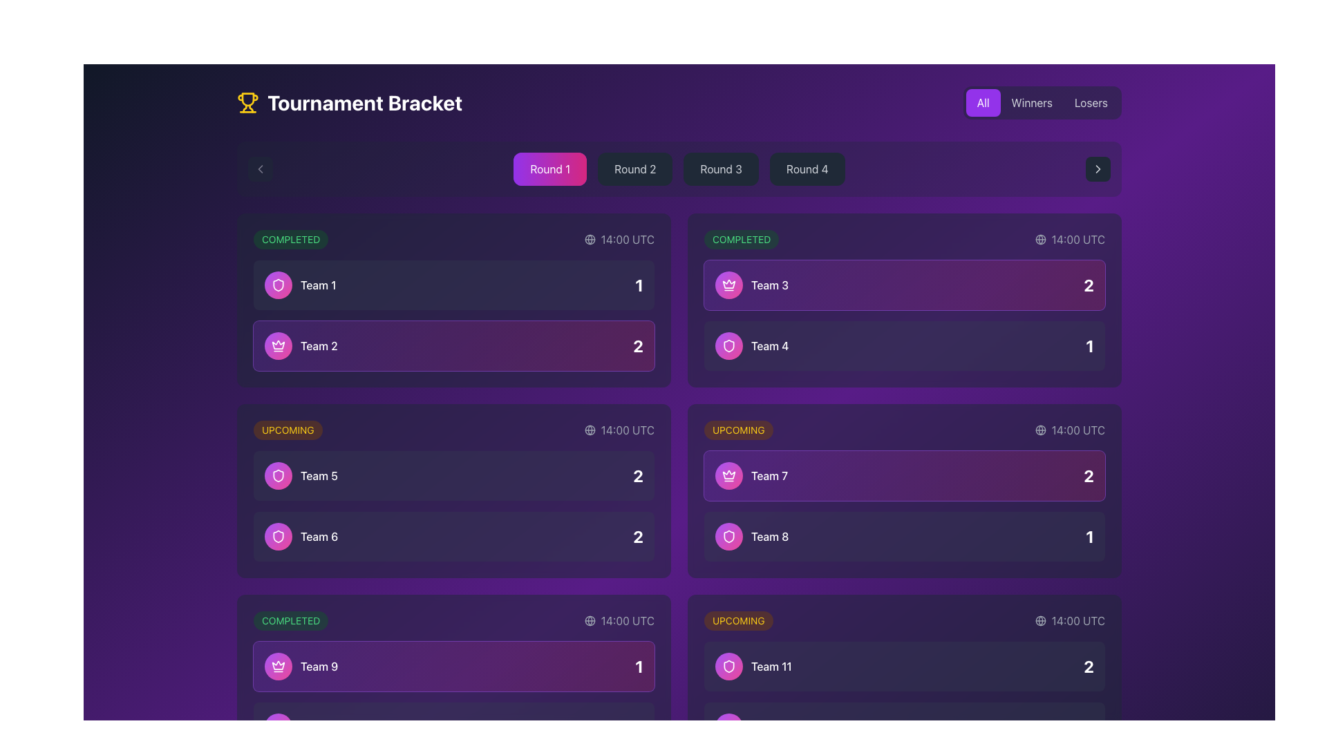 The height and width of the screenshot is (746, 1327). What do you see at coordinates (751, 284) in the screenshot?
I see `the 'Team 3' text label located within the 'COMPLETED' section` at bounding box center [751, 284].